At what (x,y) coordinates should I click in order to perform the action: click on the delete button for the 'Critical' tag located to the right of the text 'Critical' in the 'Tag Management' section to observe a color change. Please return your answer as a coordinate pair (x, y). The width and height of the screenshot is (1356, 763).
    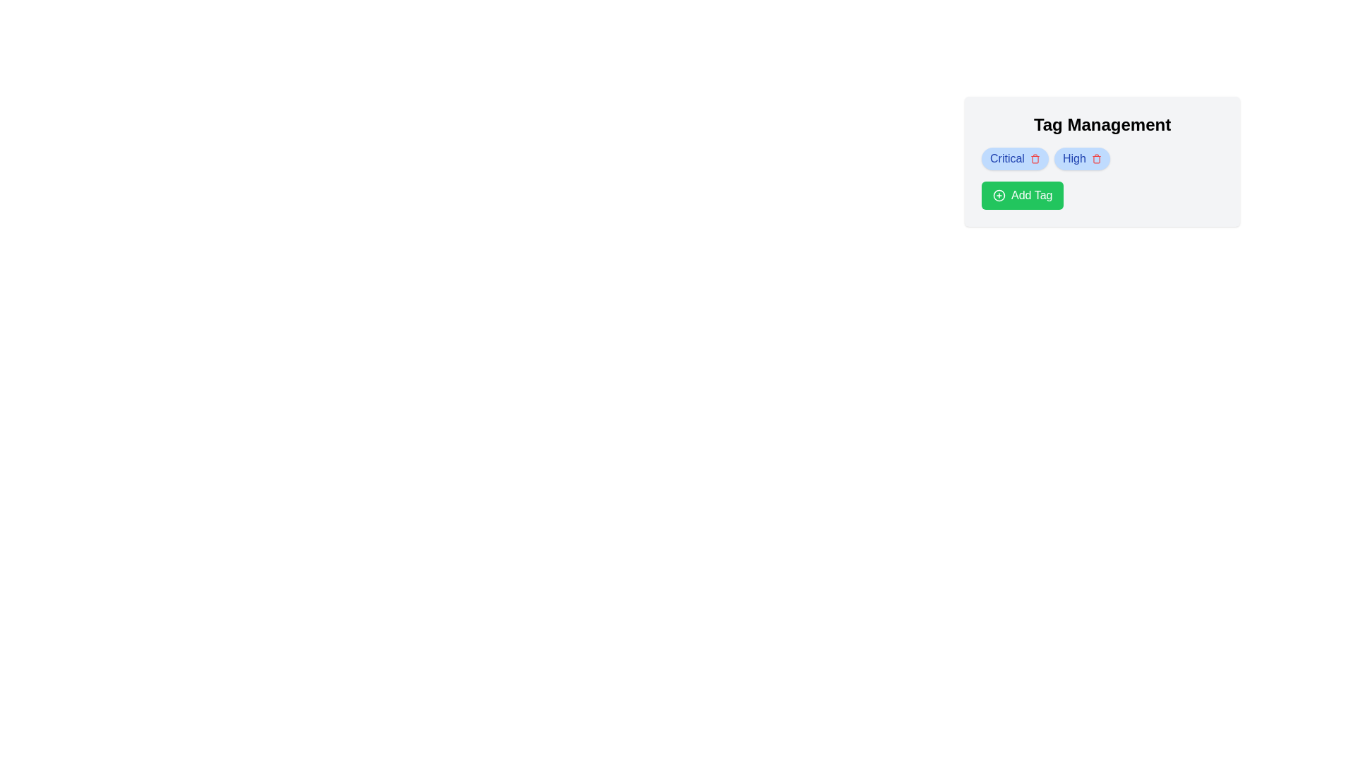
    Looking at the image, I should click on (1035, 158).